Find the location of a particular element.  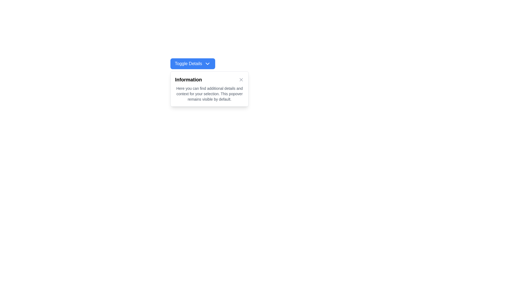

the descriptive text element located in the 'Information' panel, which provides additional context or guidance to the user is located at coordinates (209, 94).